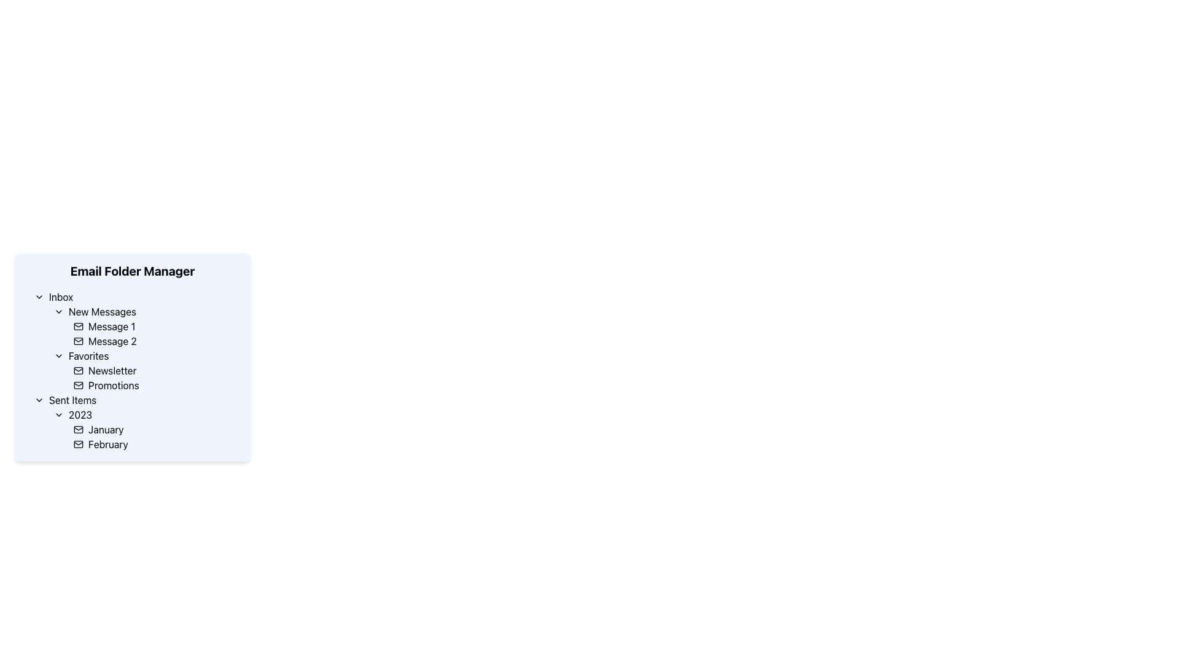  What do you see at coordinates (78, 341) in the screenshot?
I see `the decorative icon that represents 'Message 2' in the 'New Messages' section of the Inbox, located at the beginning of the list item` at bounding box center [78, 341].